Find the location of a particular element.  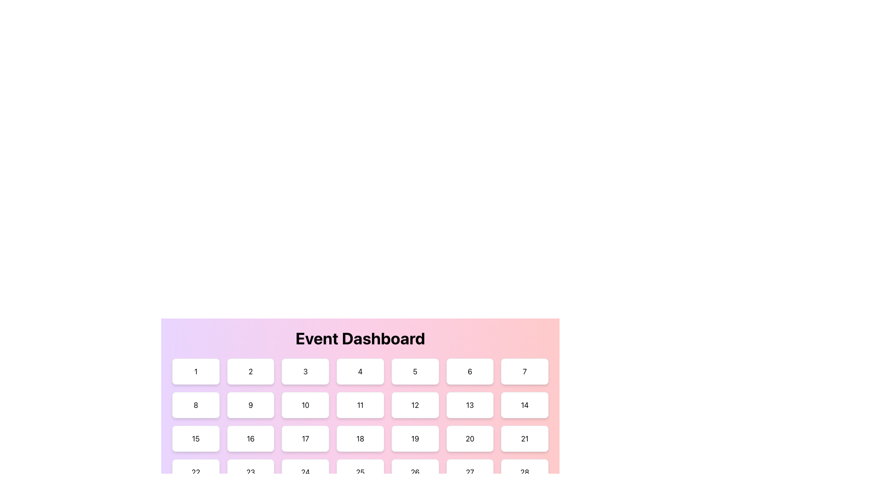

the button representing the number '12', located in the second row and fifth position of a grid layout of buttons is located at coordinates (415, 405).